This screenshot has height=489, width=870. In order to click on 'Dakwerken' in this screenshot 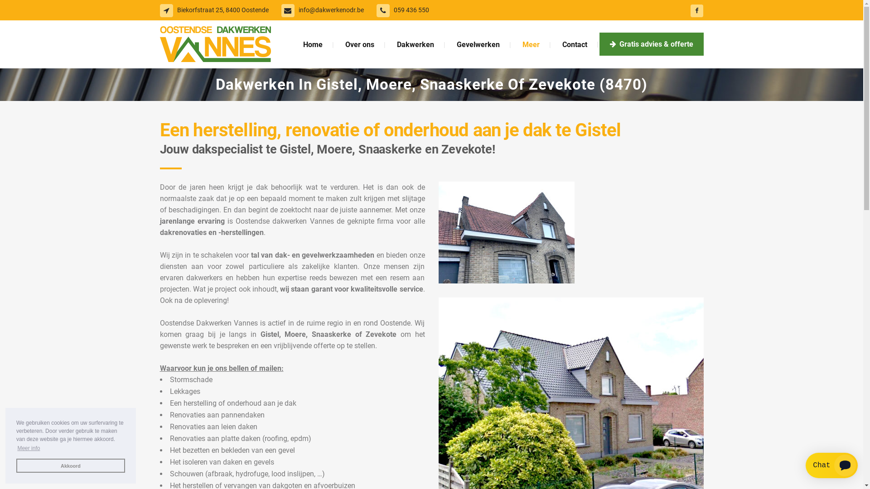, I will do `click(415, 44)`.